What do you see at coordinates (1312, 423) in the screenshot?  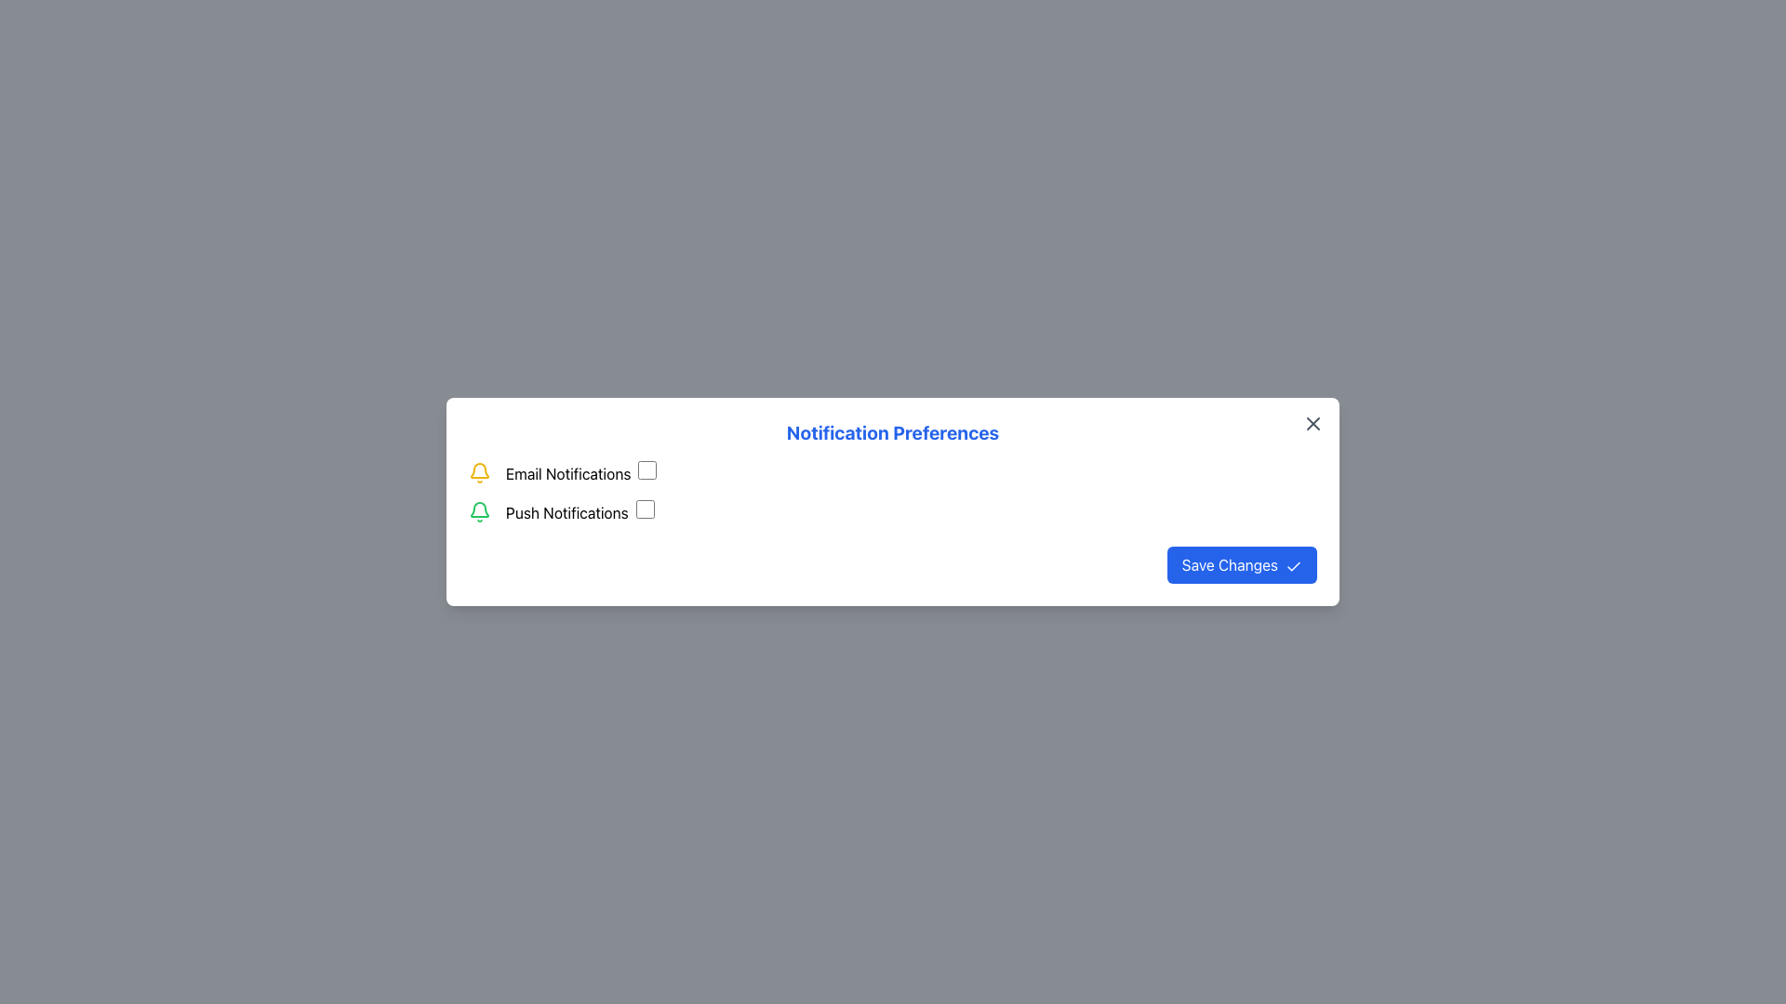 I see `the 'X' icon in the top-right corner of the notification preferences modal box` at bounding box center [1312, 423].